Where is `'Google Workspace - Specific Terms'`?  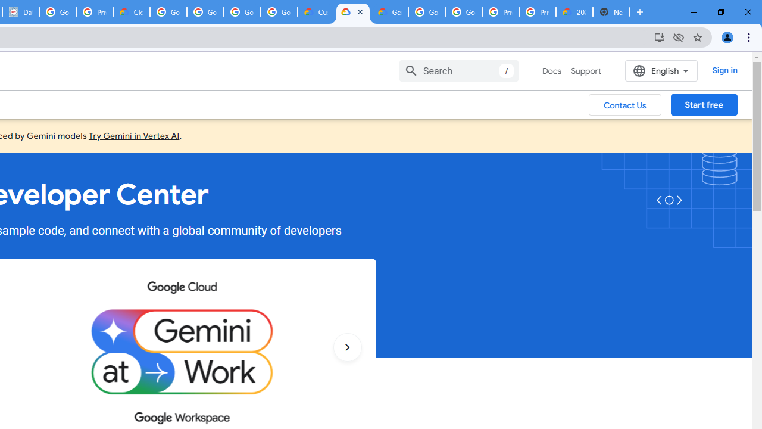
'Google Workspace - Specific Terms' is located at coordinates (242, 12).